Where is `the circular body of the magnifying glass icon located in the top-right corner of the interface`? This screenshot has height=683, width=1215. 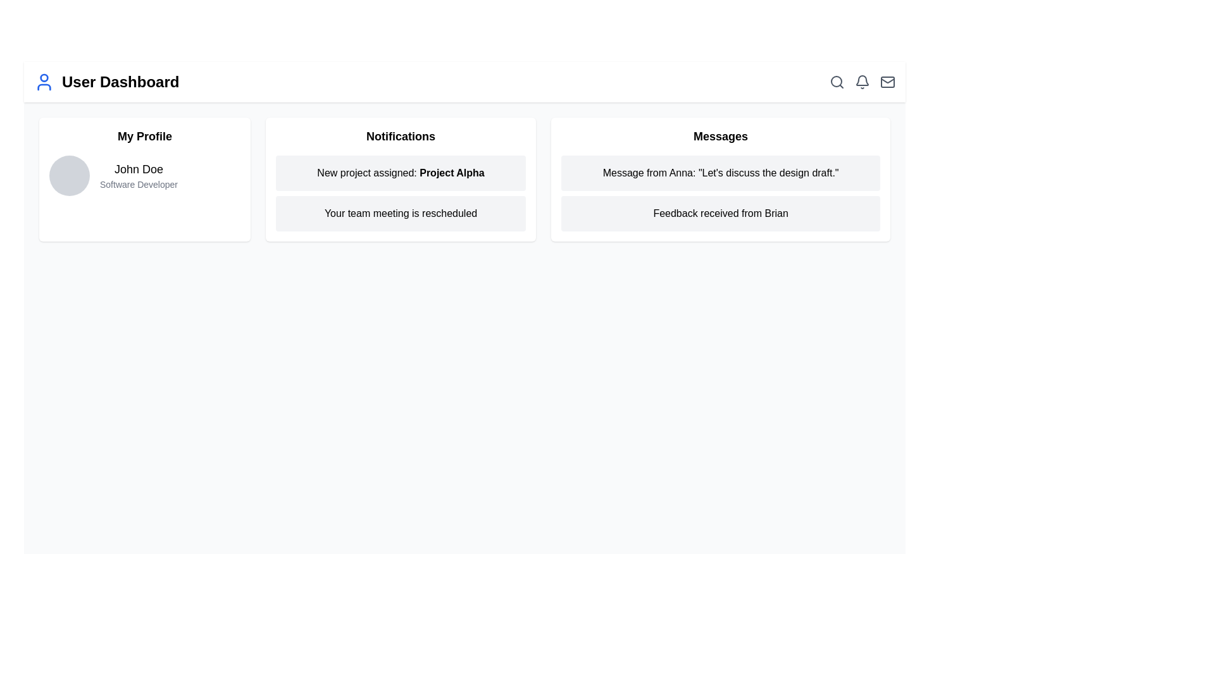 the circular body of the magnifying glass icon located in the top-right corner of the interface is located at coordinates (836, 81).